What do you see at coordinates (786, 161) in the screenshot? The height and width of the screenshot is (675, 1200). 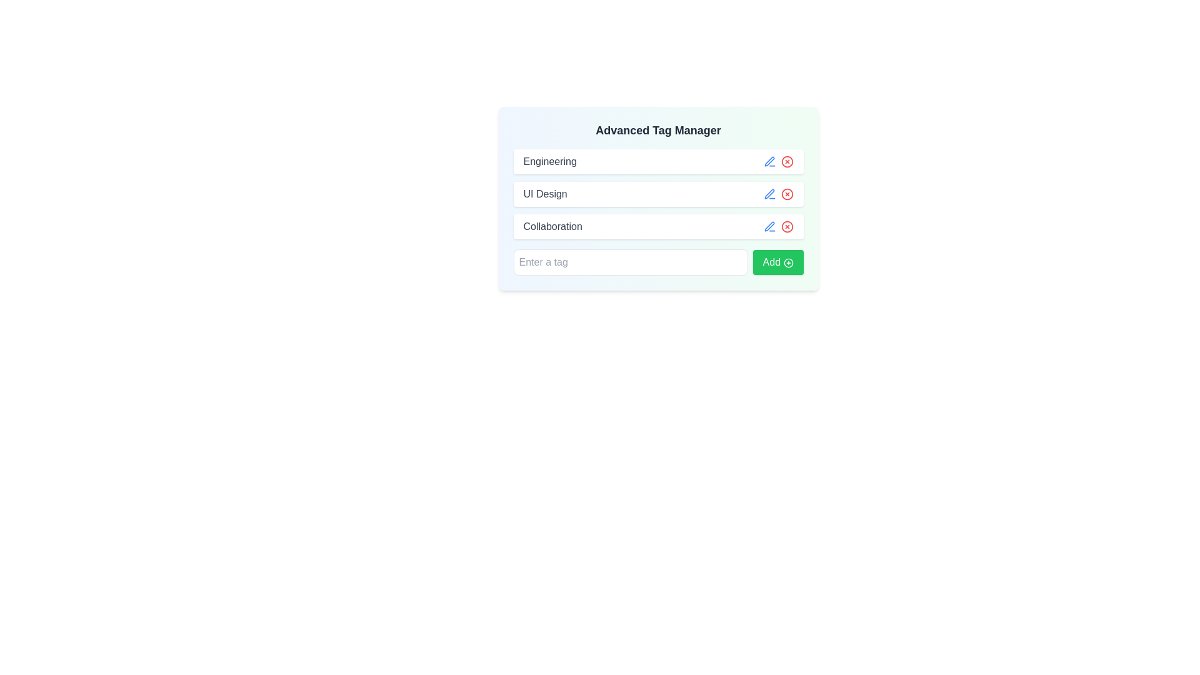 I see `the delete button icon located to the right of the 'Engineering' input field` at bounding box center [786, 161].